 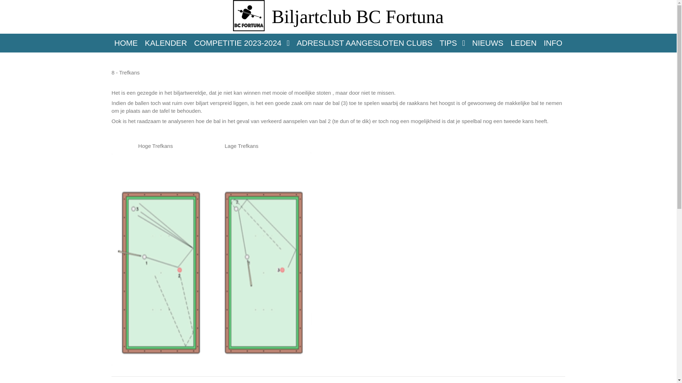 What do you see at coordinates (435, 43) in the screenshot?
I see `'TIPS'` at bounding box center [435, 43].